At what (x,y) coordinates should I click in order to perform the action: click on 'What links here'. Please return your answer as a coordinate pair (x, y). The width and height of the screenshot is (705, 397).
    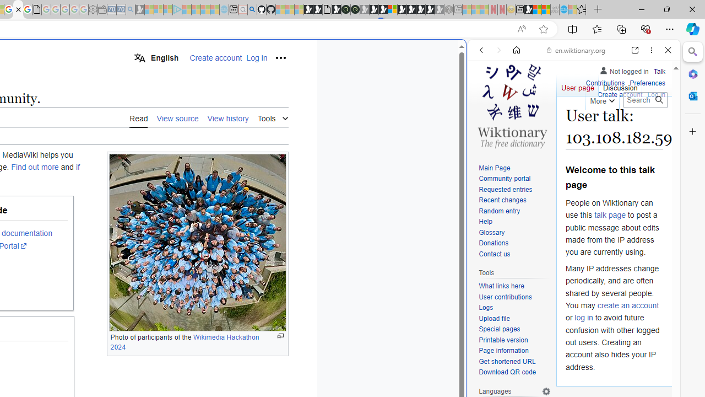
    Looking at the image, I should click on (501, 286).